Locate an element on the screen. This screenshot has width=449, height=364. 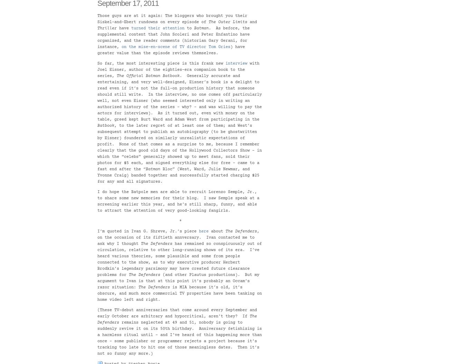
'about' is located at coordinates (217, 231).